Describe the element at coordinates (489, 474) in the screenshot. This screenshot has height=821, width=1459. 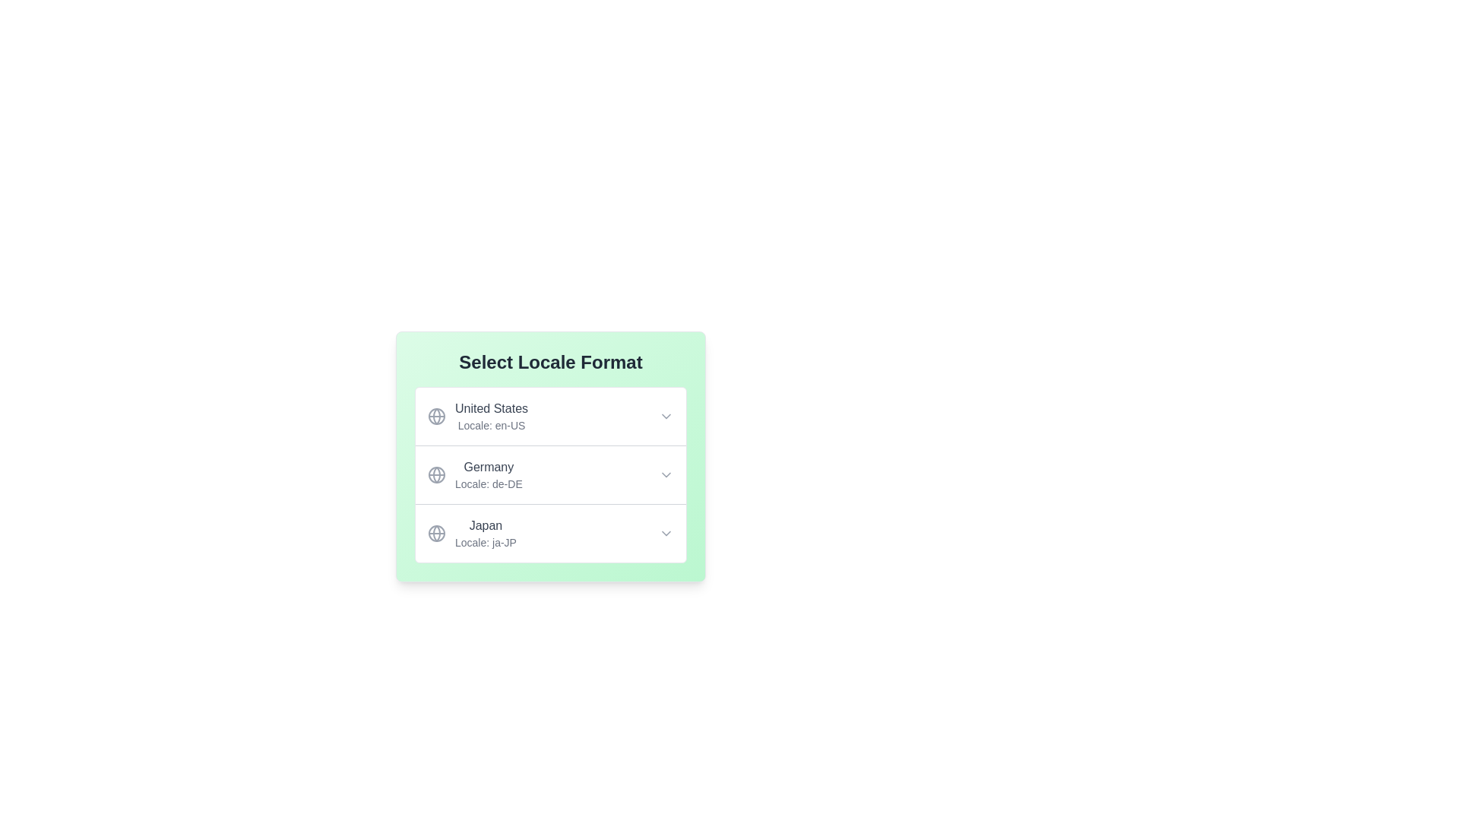
I see `the text label identifying the 'Germany' locale with the value 'Locale: de-DE' within the green-background panel labeled 'Select Locale Format'` at that location.